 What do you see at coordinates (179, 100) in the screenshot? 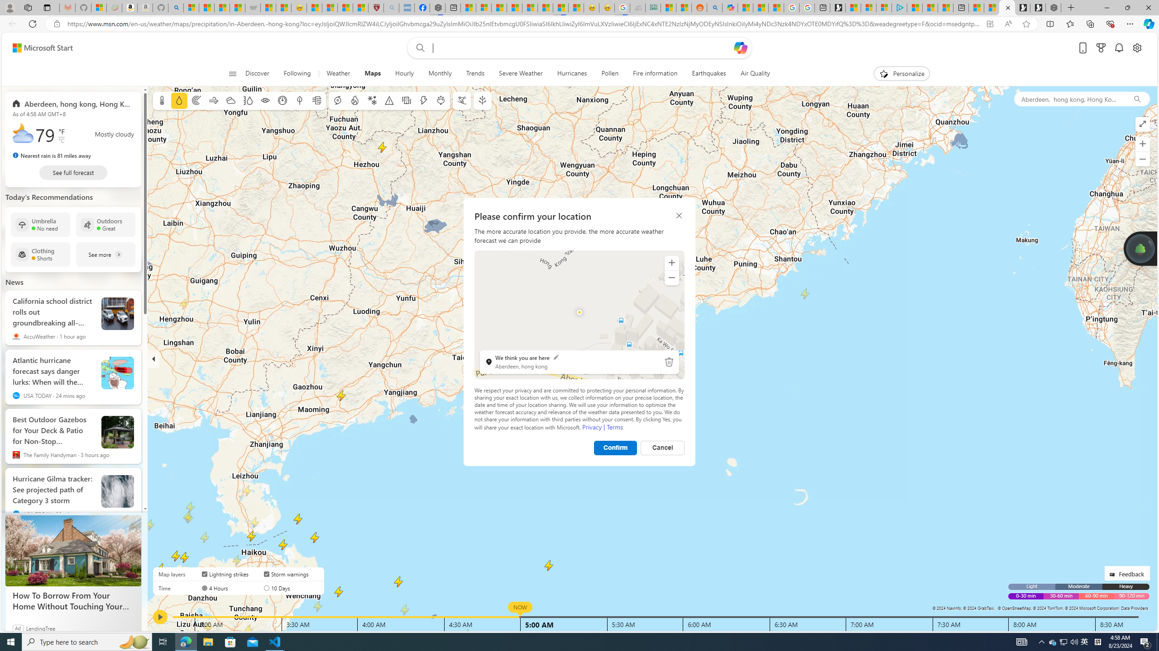
I see `'Precipitation'` at bounding box center [179, 100].